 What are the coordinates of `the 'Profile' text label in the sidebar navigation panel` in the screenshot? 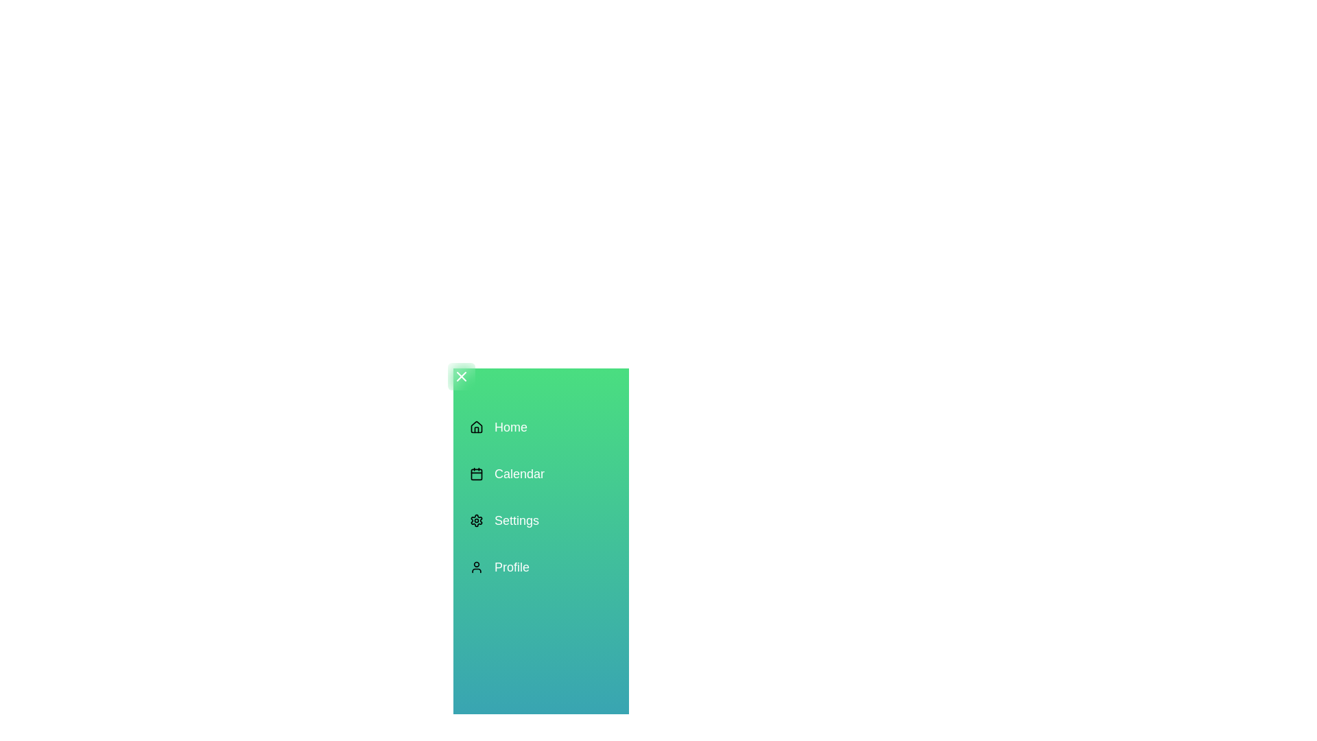 It's located at (511, 567).